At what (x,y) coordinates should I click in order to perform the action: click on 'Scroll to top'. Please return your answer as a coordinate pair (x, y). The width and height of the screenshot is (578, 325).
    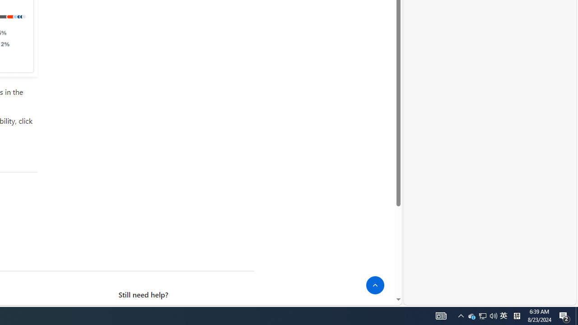
    Looking at the image, I should click on (375, 285).